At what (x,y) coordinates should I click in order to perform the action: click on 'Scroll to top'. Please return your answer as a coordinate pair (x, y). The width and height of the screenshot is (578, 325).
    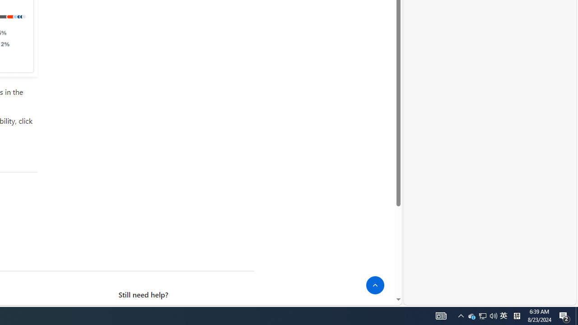
    Looking at the image, I should click on (375, 285).